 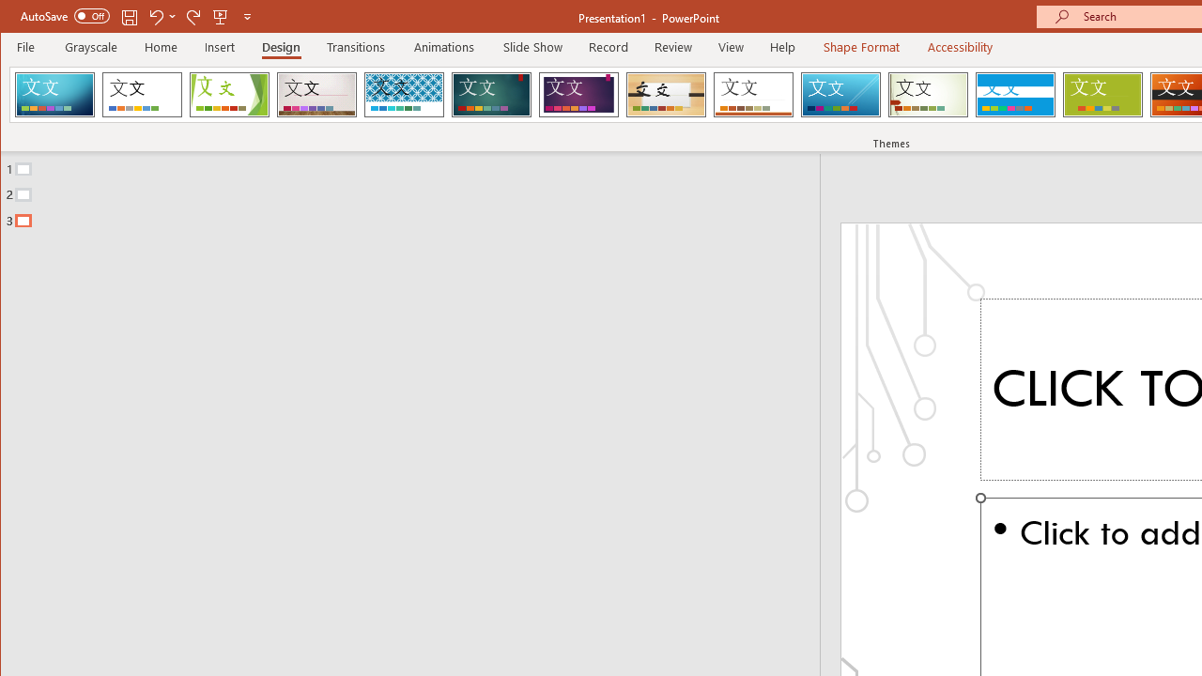 I want to click on 'Gallery', so click(x=316, y=94).